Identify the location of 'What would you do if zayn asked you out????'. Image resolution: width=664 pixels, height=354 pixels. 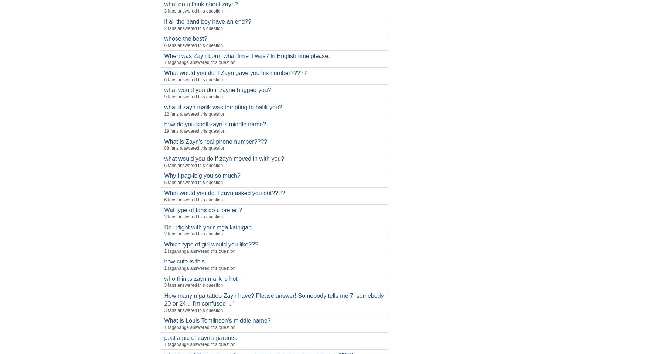
(164, 192).